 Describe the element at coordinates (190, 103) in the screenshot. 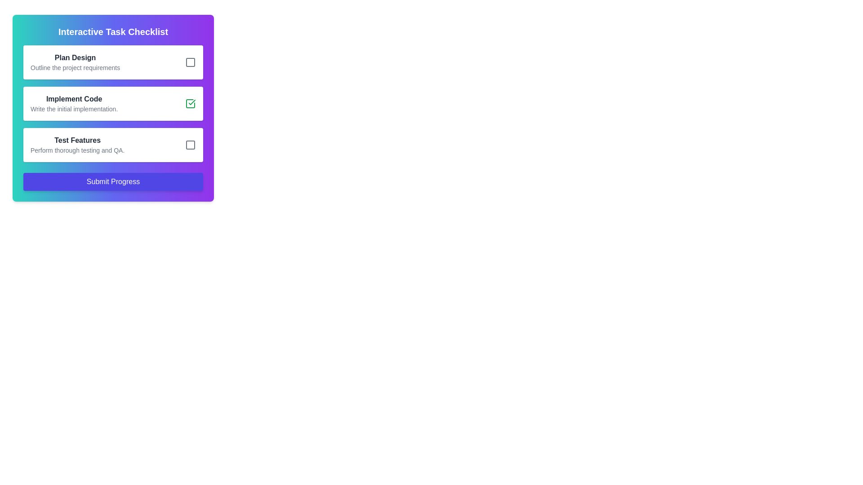

I see `the checkbox with a green tick icon` at that location.